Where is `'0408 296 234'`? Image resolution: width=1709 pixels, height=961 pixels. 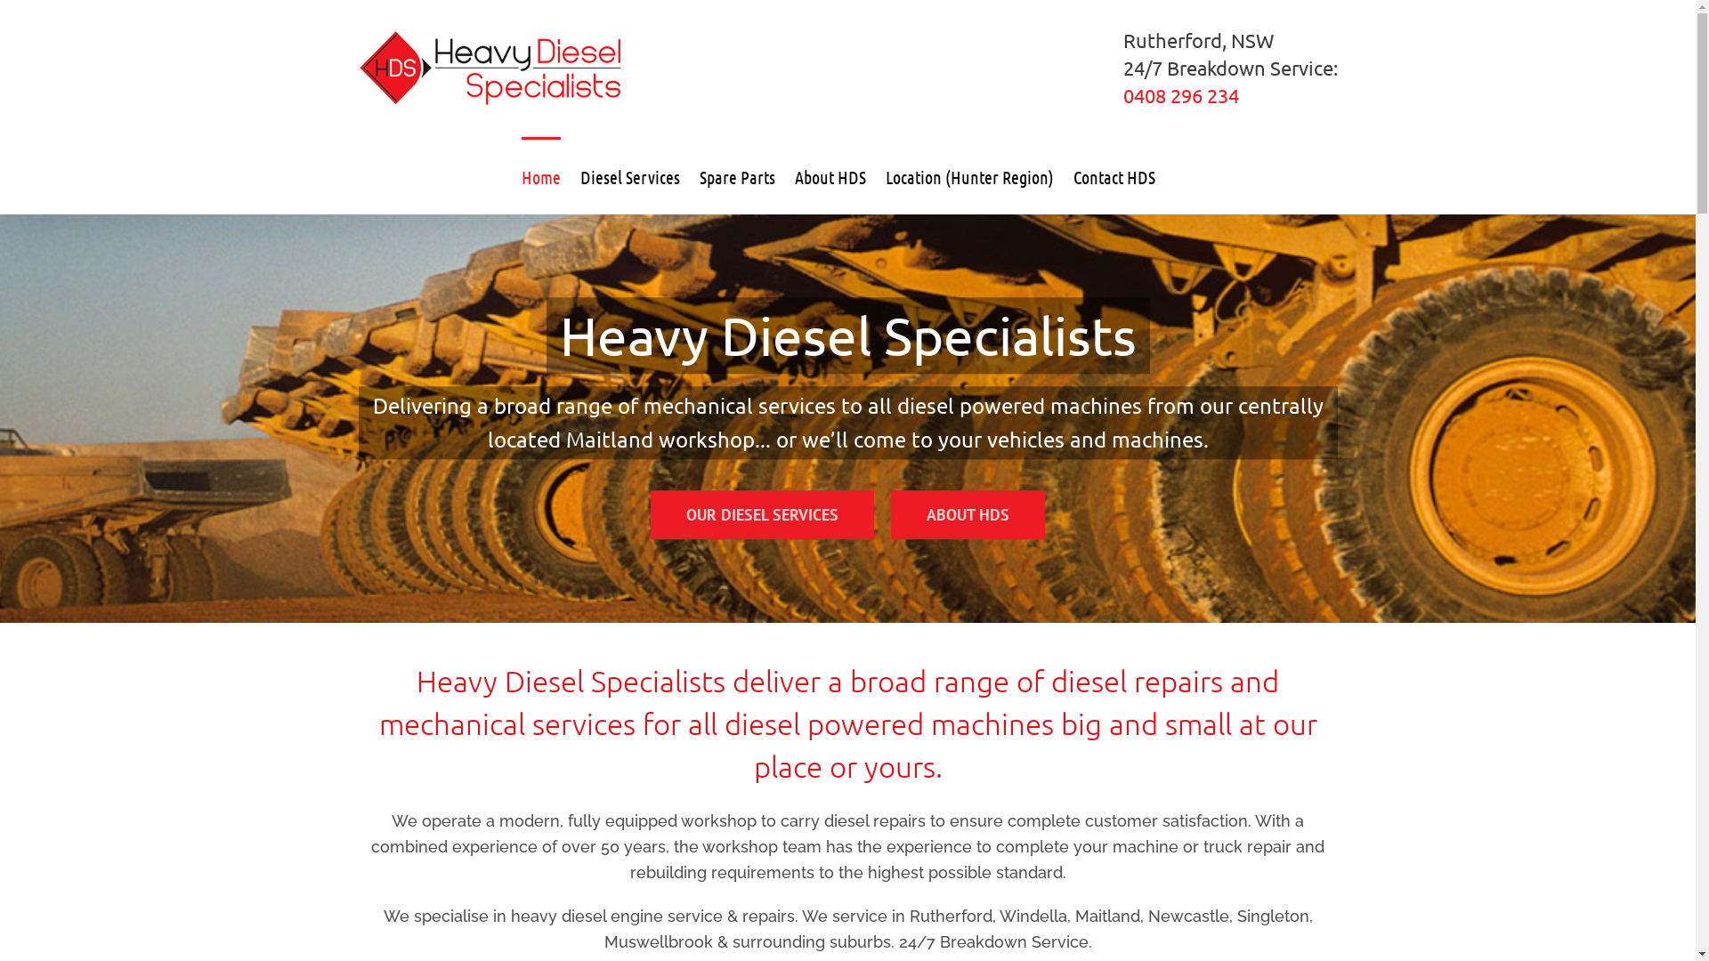 '0408 296 234' is located at coordinates (1122, 95).